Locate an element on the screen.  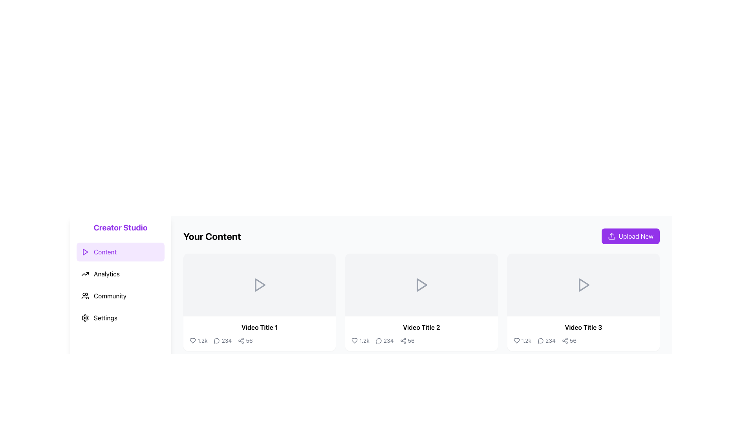
the Text element that displays the amount of comments associated with the video, located below the first video thumbnail in the 'Your Content' section is located at coordinates (222, 340).